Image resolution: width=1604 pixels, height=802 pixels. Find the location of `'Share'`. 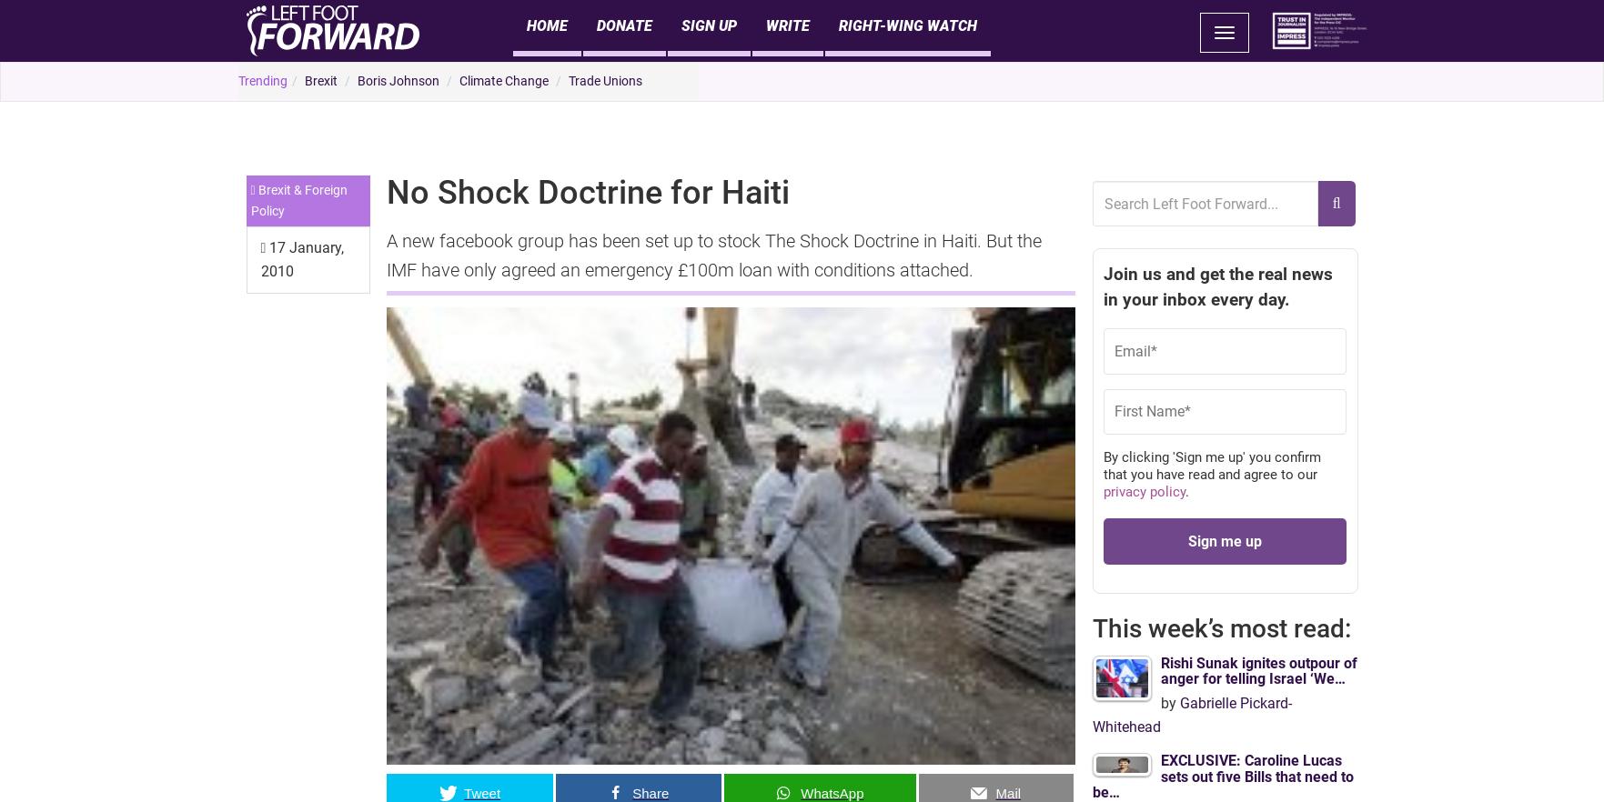

'Share' is located at coordinates (631, 792).